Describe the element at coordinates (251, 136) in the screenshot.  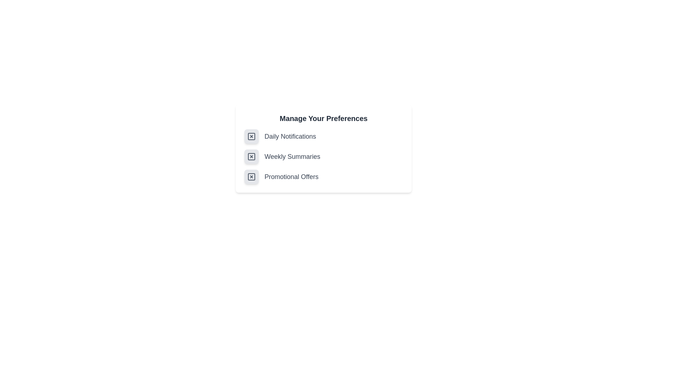
I see `the small, rounded square button with a light gray background and dark gray outline, featuring an 'X' icon, located in the topmost row of the list beside 'Daily Notifications.'` at that location.